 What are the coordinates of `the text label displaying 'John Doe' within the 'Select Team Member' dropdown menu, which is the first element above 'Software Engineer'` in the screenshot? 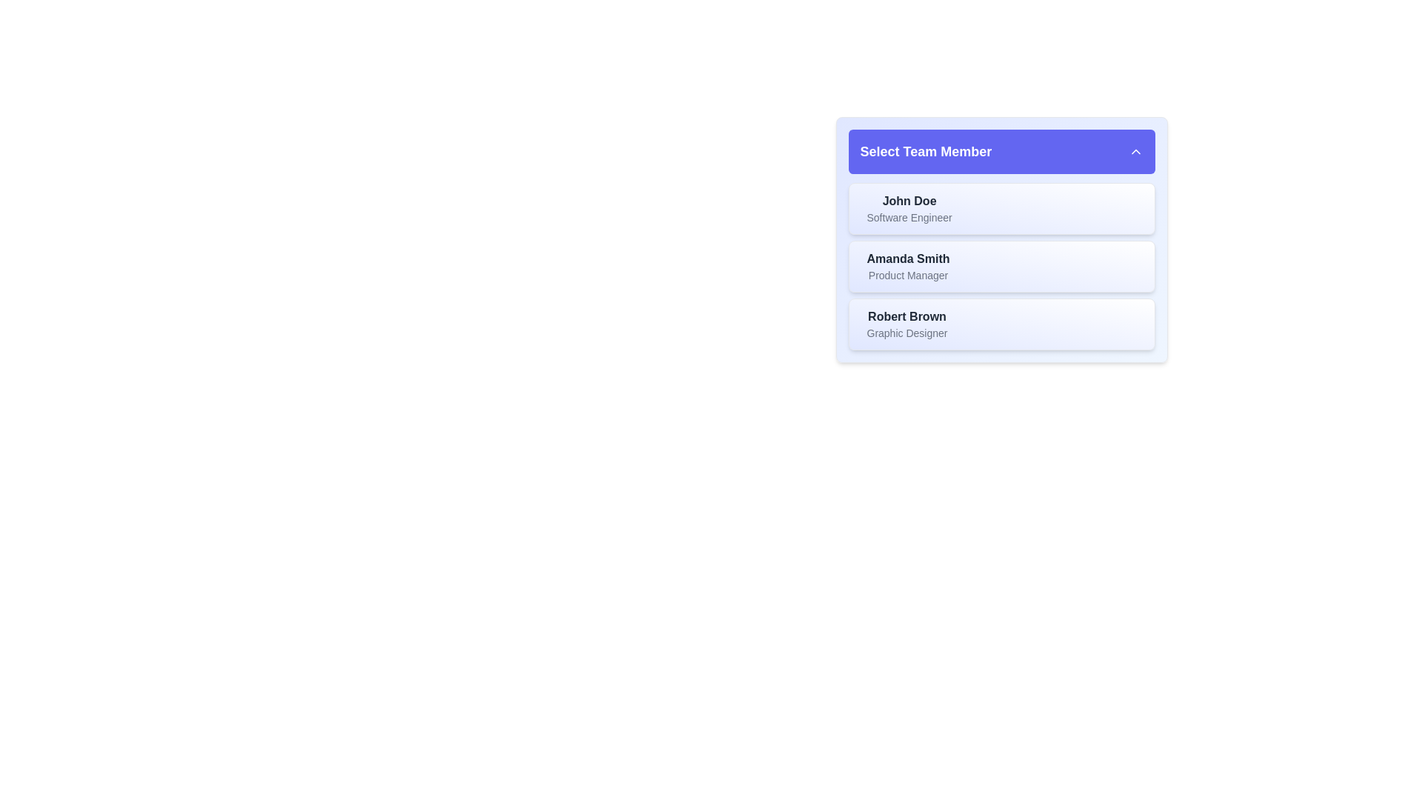 It's located at (909, 201).